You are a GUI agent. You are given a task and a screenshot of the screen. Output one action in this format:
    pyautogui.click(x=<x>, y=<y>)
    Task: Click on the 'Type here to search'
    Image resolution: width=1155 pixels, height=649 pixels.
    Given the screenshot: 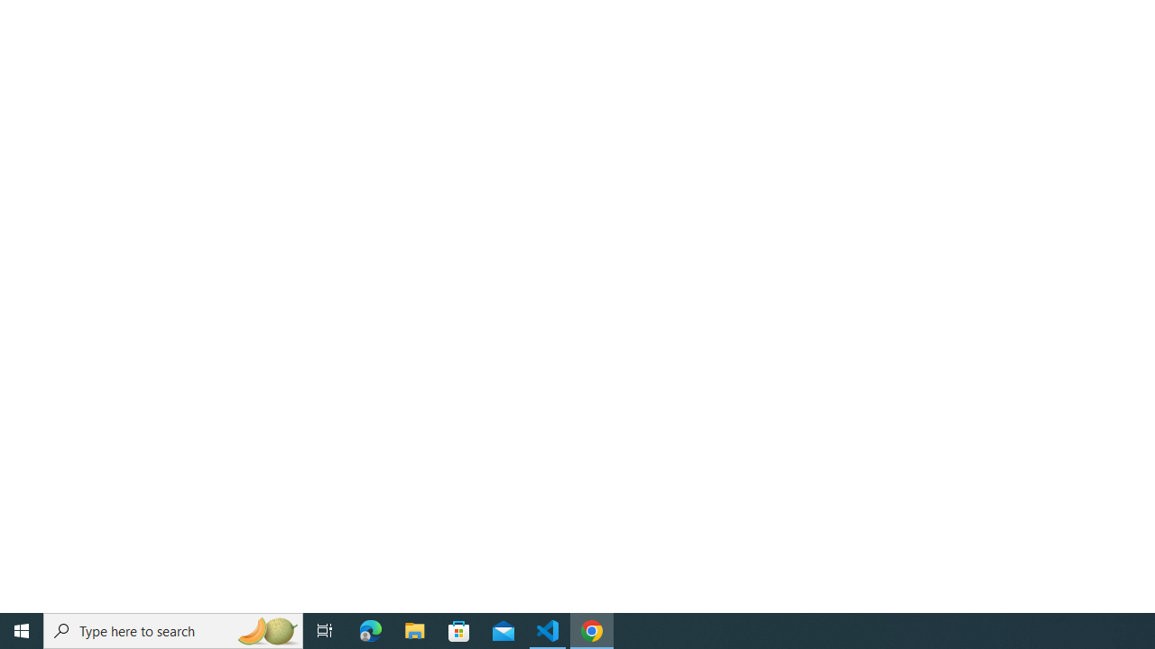 What is the action you would take?
    pyautogui.click(x=173, y=629)
    